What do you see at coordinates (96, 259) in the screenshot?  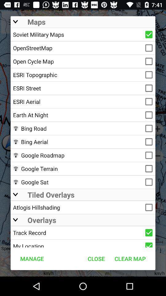 I see `icon next to manage` at bounding box center [96, 259].